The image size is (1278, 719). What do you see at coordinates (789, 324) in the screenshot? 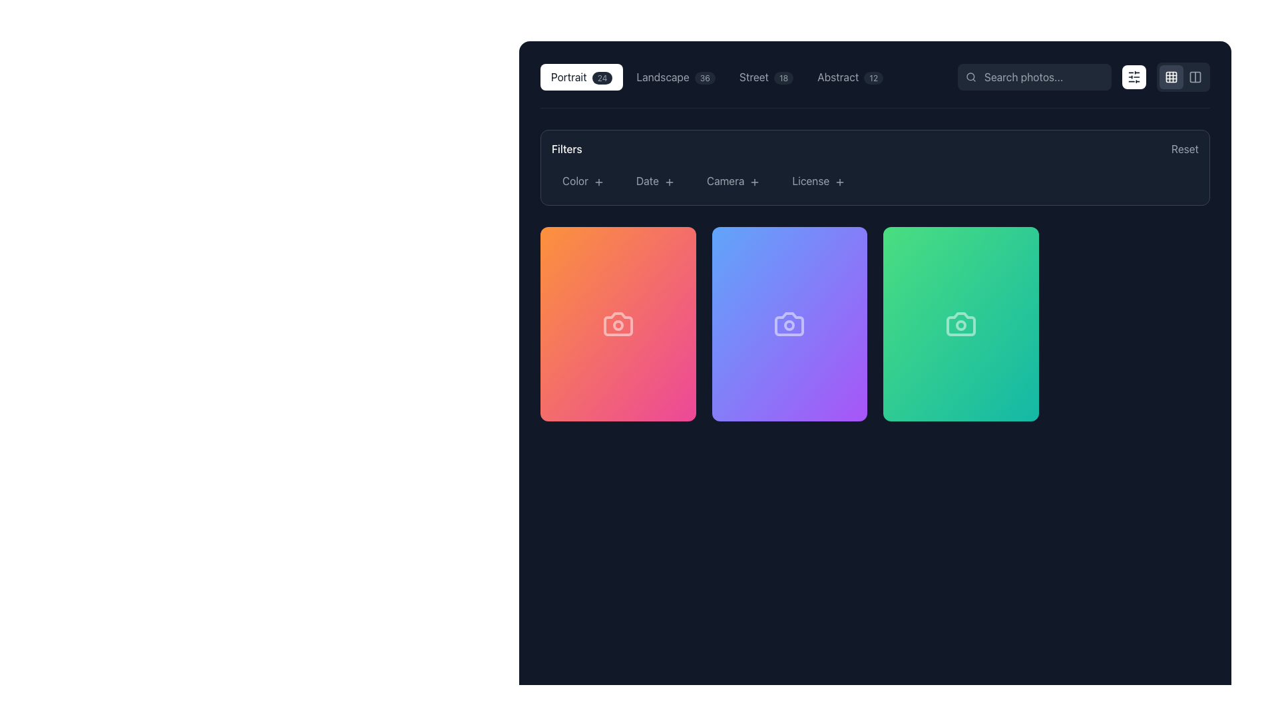
I see `the decorative camera-shaped icon, which is styled in translucent white on a purple rectangular card, located at the center of the second card in a row of three horizontally aligned cards` at bounding box center [789, 324].